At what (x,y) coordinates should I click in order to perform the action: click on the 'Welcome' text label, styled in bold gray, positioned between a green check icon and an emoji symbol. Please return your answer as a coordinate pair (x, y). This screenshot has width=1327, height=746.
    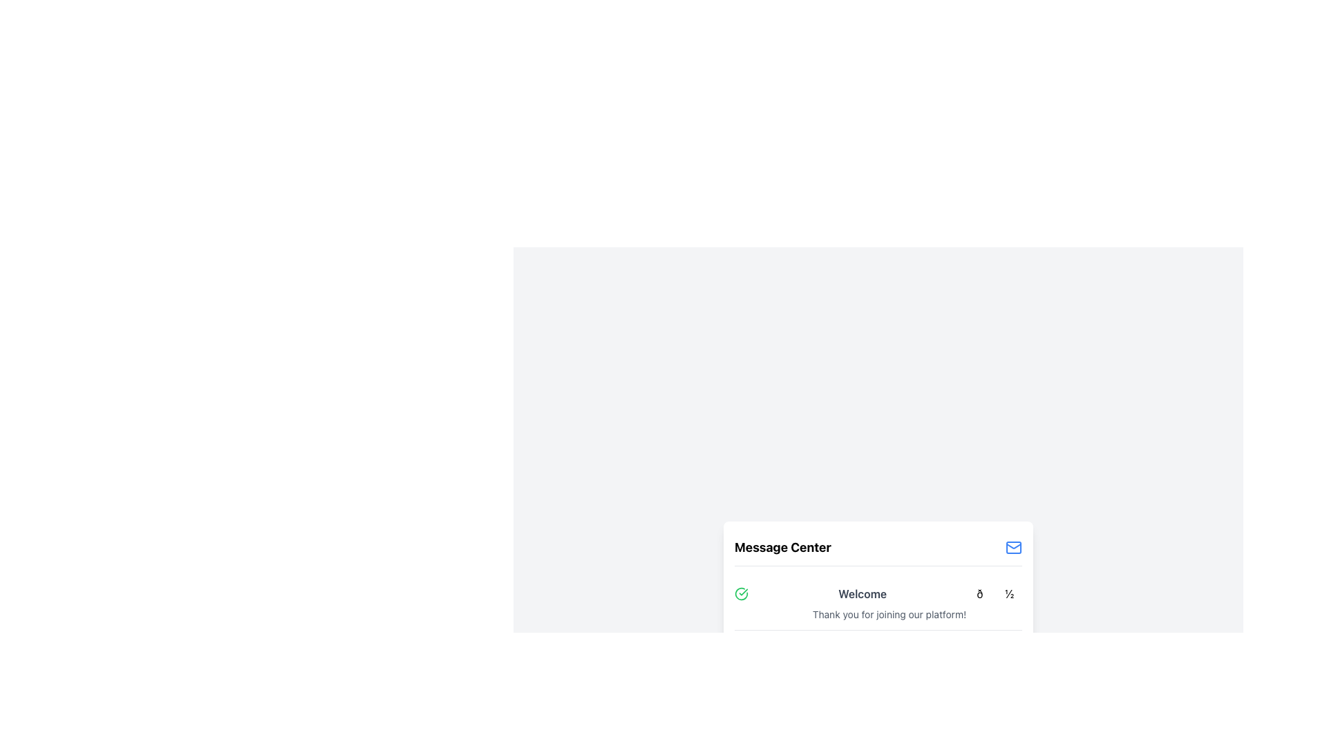
    Looking at the image, I should click on (878, 593).